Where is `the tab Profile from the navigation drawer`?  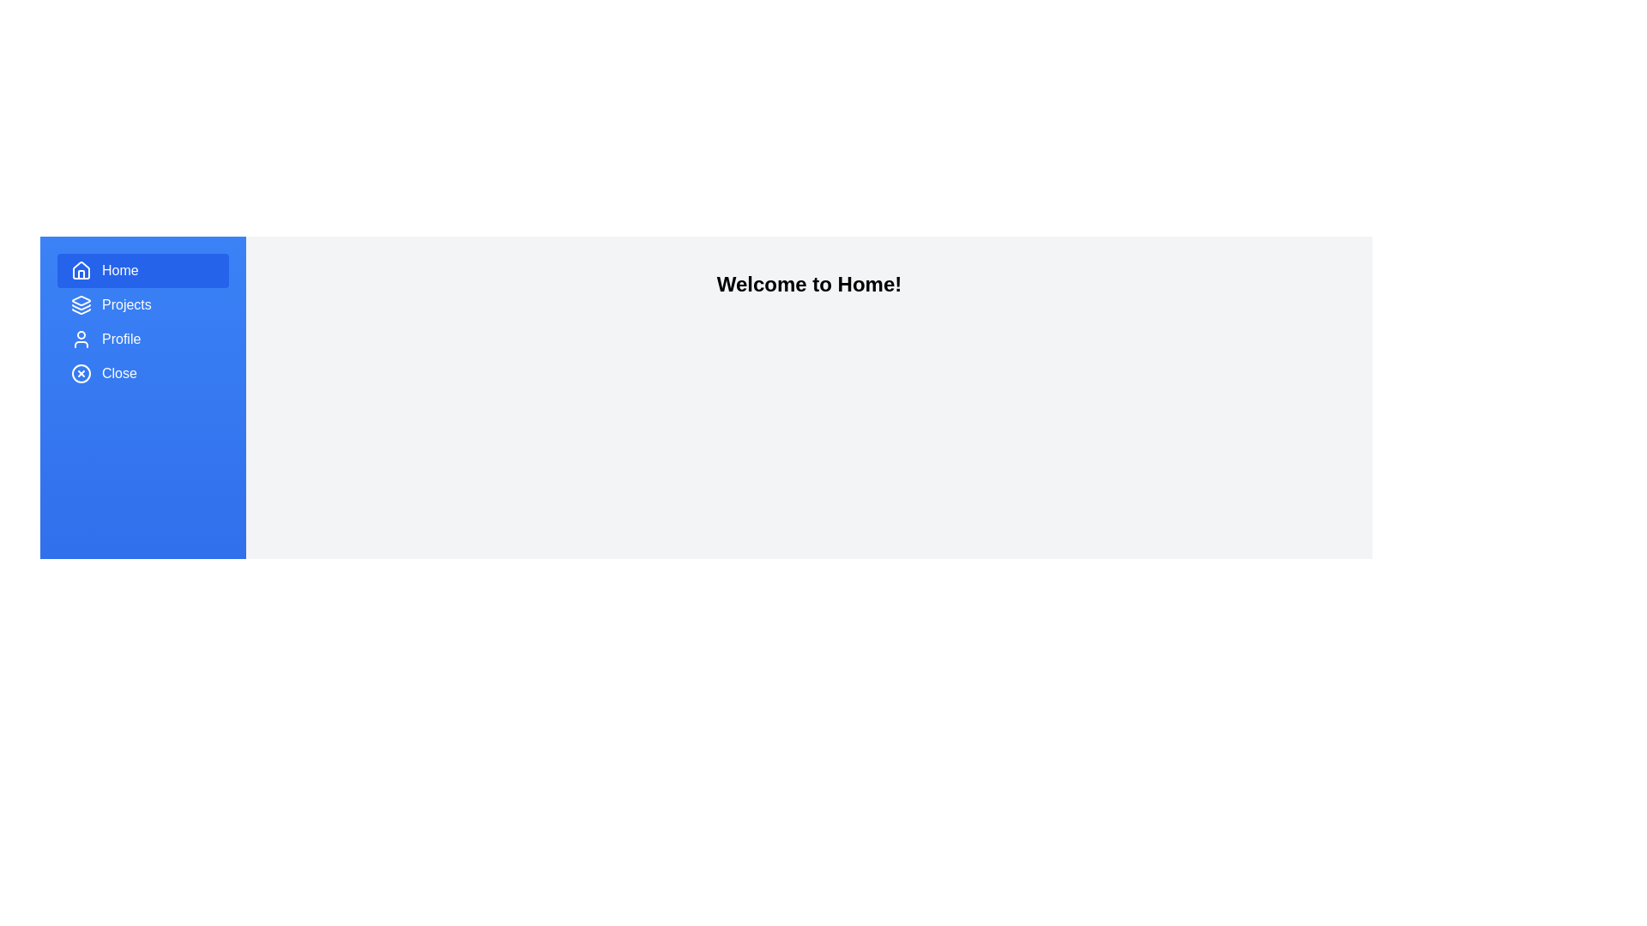 the tab Profile from the navigation drawer is located at coordinates (143, 340).